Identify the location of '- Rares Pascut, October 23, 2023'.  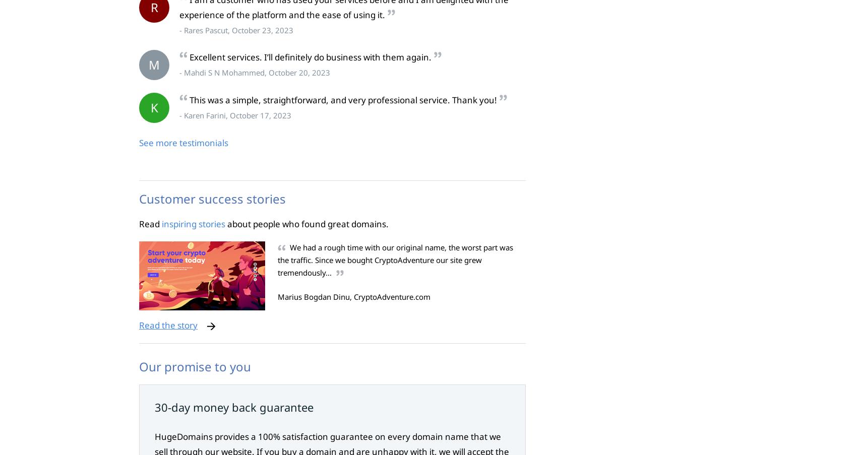
(236, 29).